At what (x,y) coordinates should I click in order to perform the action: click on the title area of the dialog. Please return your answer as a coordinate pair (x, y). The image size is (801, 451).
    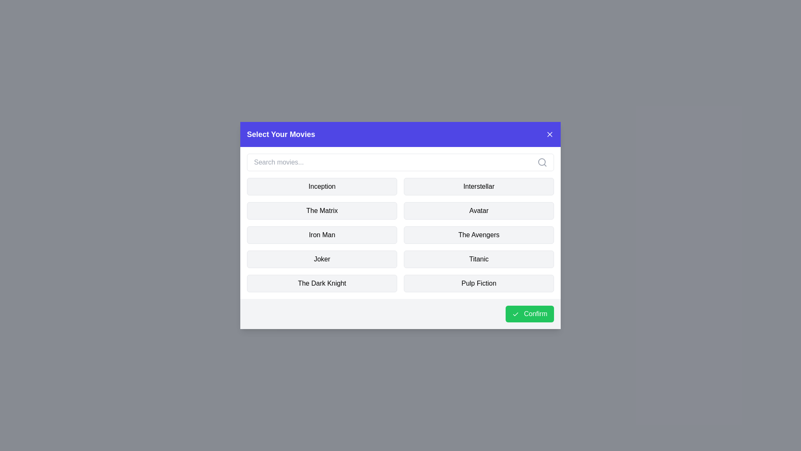
    Looking at the image, I should click on (400, 134).